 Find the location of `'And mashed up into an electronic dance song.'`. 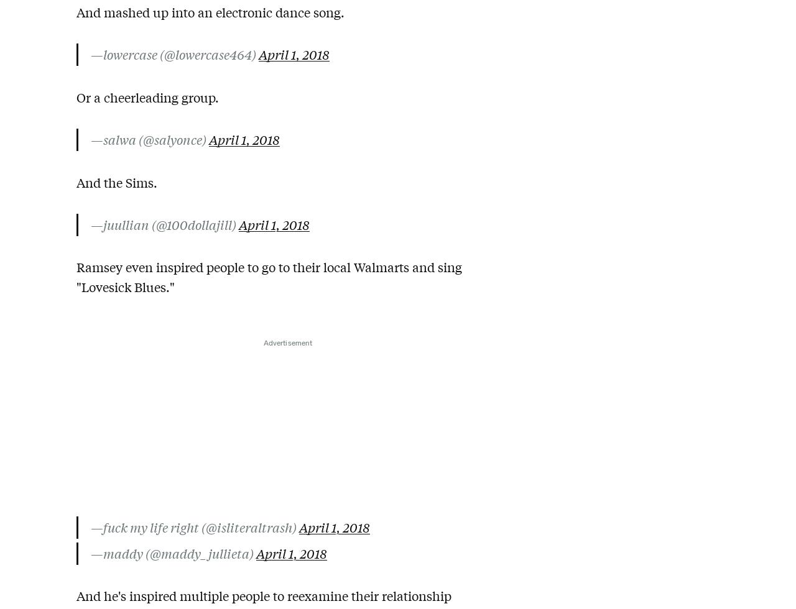

'And mashed up into an electronic dance song.' is located at coordinates (210, 11).